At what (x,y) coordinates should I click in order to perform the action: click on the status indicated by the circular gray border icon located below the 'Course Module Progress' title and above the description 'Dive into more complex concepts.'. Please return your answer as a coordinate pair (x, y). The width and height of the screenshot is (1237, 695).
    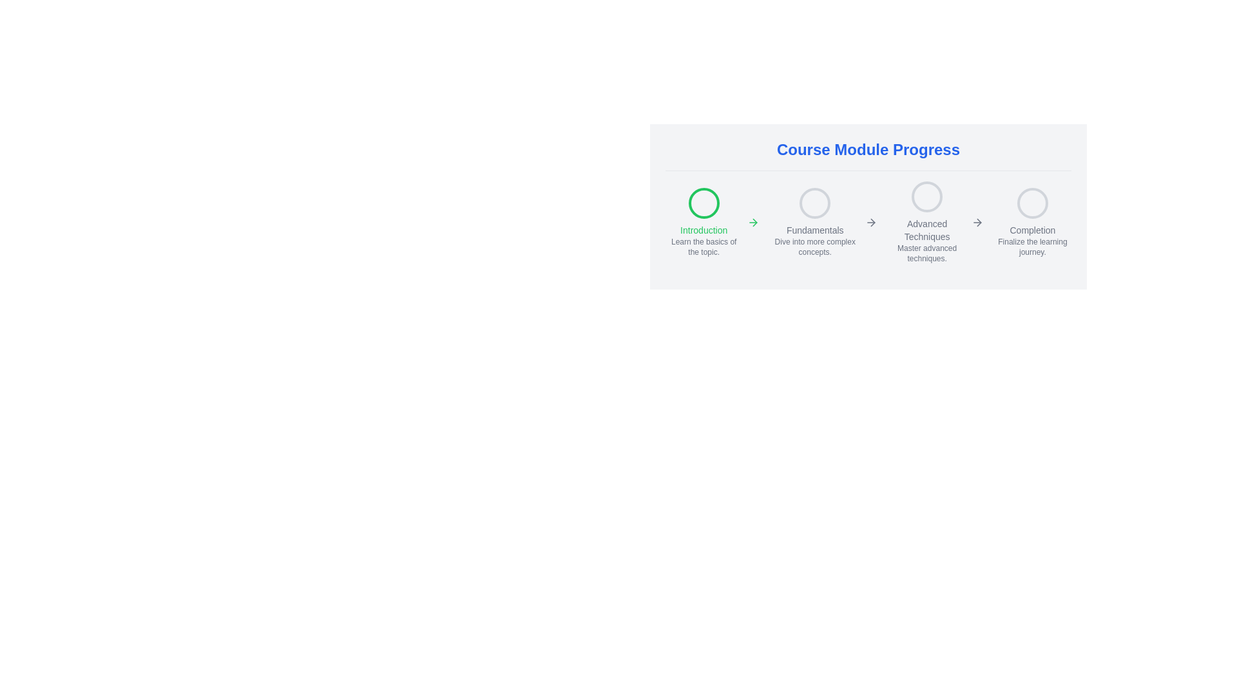
    Looking at the image, I should click on (814, 203).